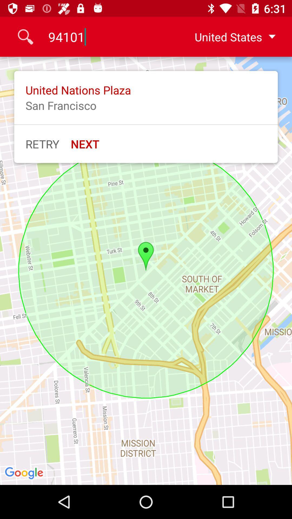 The image size is (292, 519). Describe the element at coordinates (42, 144) in the screenshot. I see `the retry item` at that location.